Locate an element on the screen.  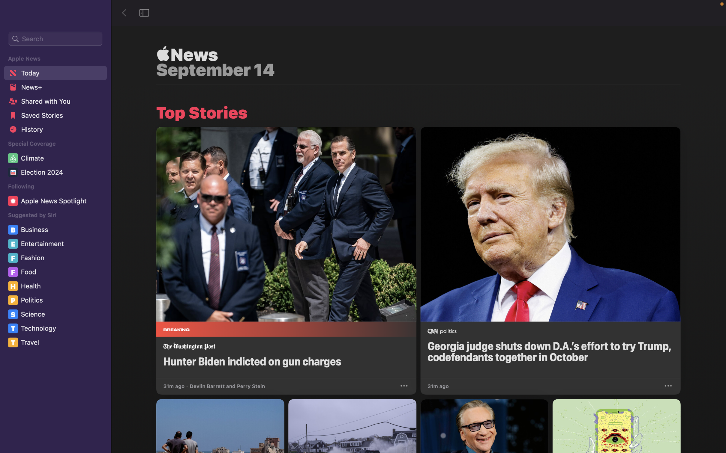
the "Travel" section is located at coordinates (57, 342).